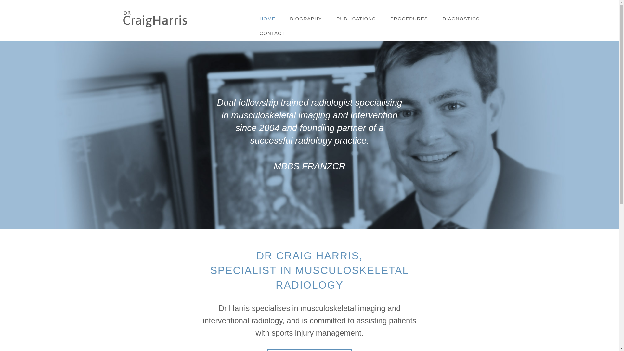 This screenshot has width=624, height=351. What do you see at coordinates (154, 18) in the screenshot?
I see `'Dr Craig Harris'` at bounding box center [154, 18].